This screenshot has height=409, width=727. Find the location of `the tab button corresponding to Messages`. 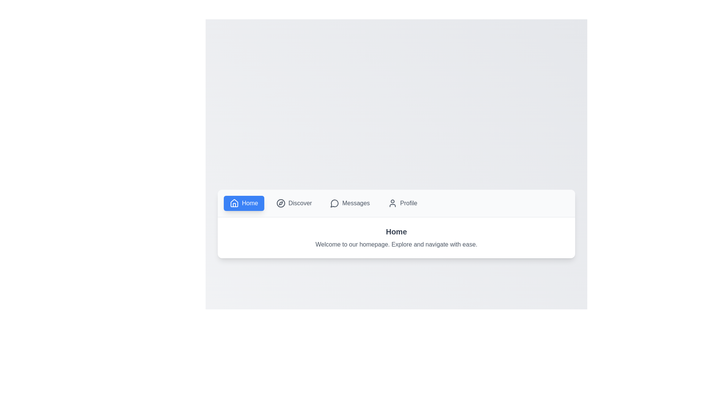

the tab button corresponding to Messages is located at coordinates (349, 203).